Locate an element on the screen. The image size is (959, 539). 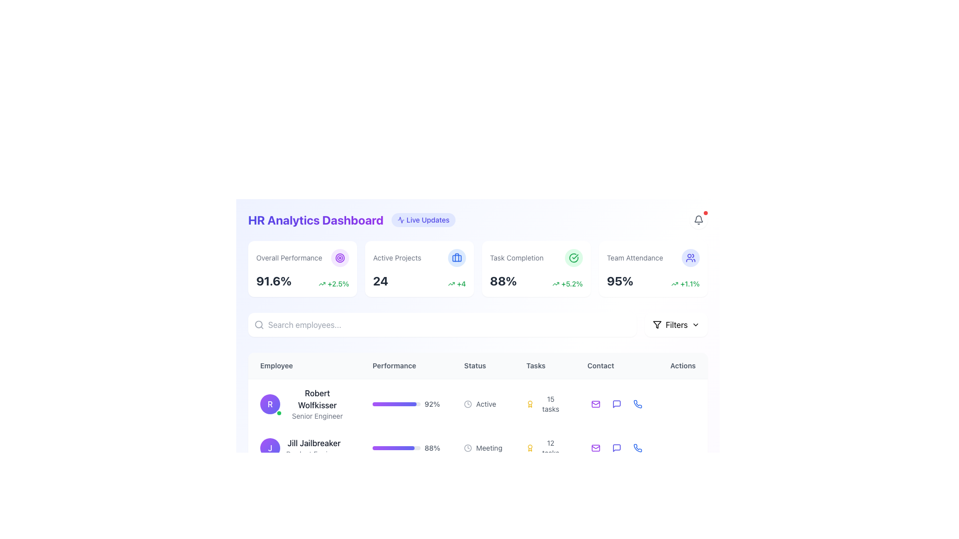
the displayed percentage on the progress bar for Robert Wolfkisser in the HR Analytics Dashboard is located at coordinates (396, 404).